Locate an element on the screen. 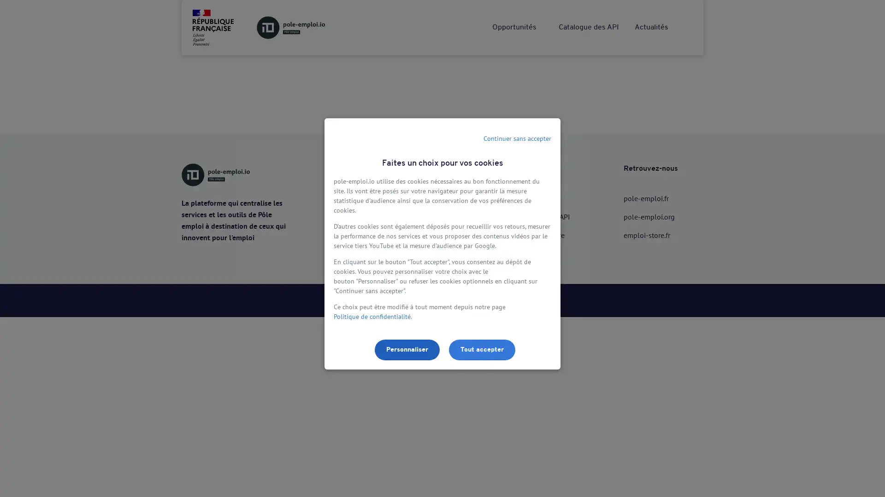 Image resolution: width=885 pixels, height=497 pixels. Me connecter is located at coordinates (655, 27).